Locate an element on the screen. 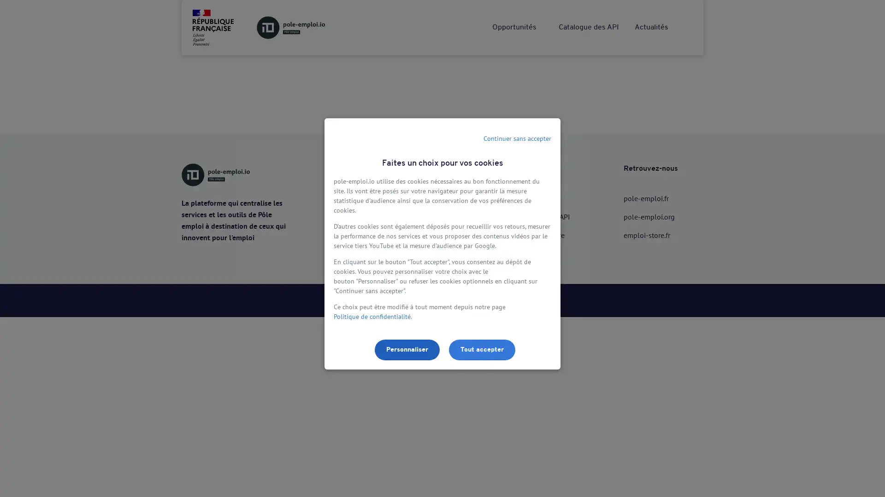 Image resolution: width=885 pixels, height=497 pixels. Me connecter is located at coordinates (655, 27).